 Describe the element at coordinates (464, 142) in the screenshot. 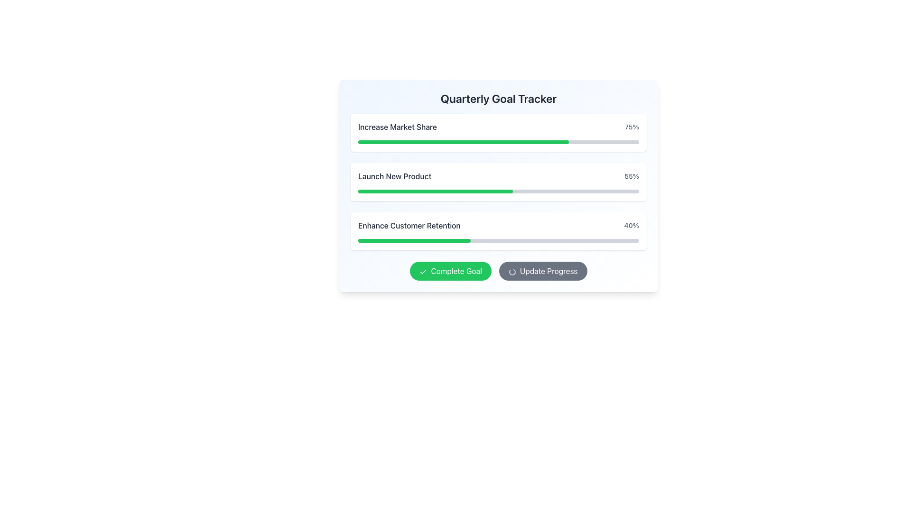

I see `the green progress bar representing 75% completion of the 'Increase Market Share' in the 'Quarterly Goal Tracker' interface` at that location.